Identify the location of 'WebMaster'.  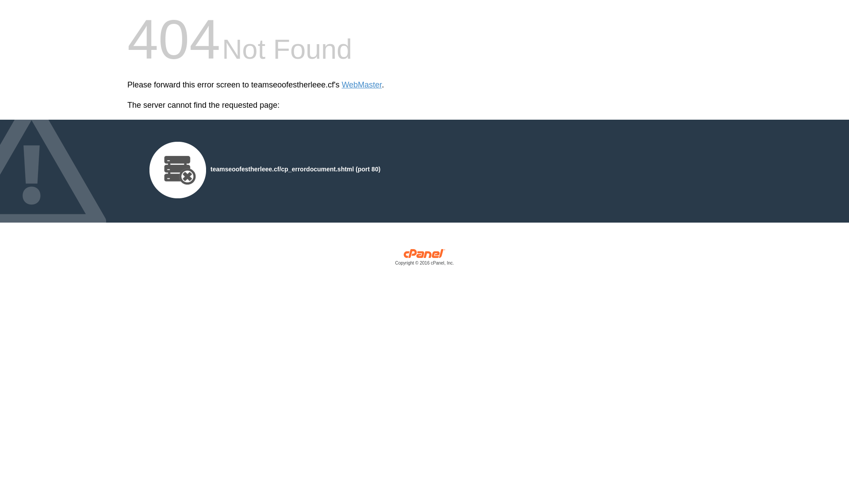
(362, 85).